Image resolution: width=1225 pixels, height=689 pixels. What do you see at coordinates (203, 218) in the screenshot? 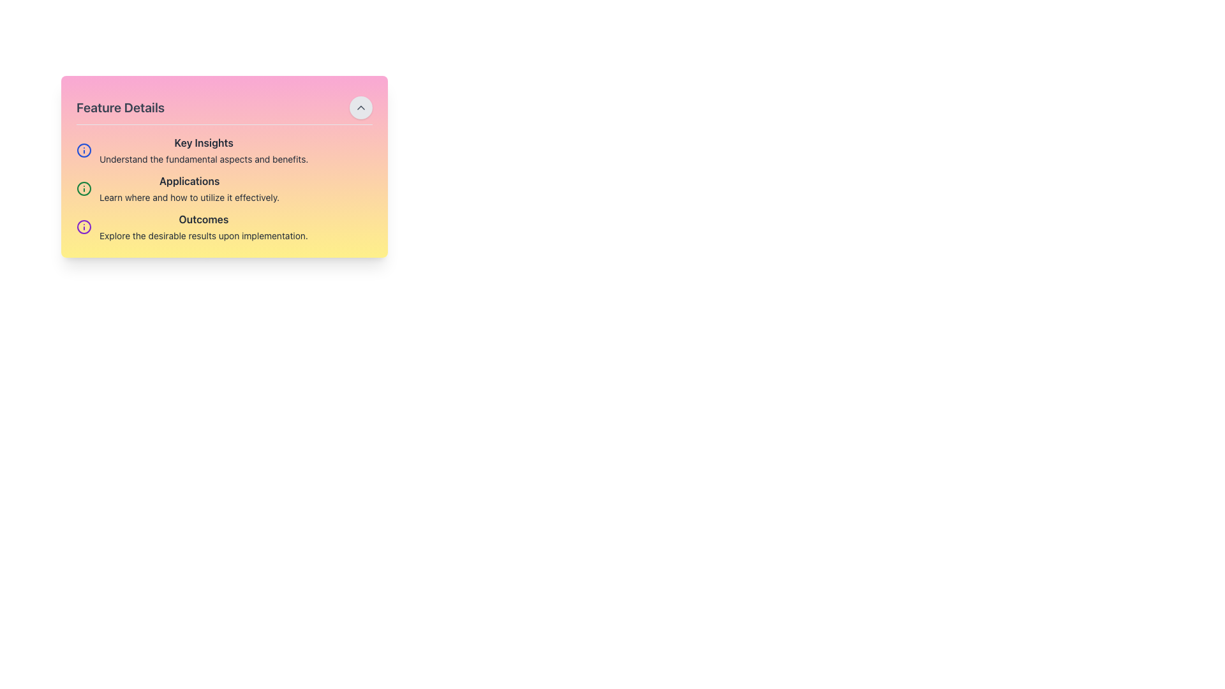
I see `the Text Label that serves as a header for the content under 'Feature Details', which is the third item in the vertical sequence` at bounding box center [203, 218].